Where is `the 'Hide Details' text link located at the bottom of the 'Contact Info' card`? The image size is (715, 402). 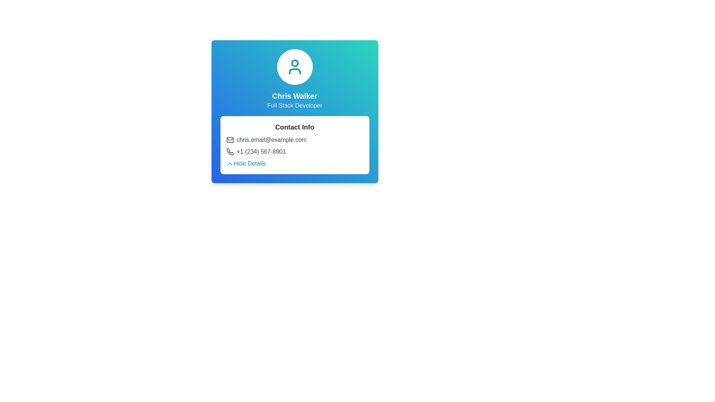 the 'Hide Details' text link located at the bottom of the 'Contact Info' card is located at coordinates (246, 163).